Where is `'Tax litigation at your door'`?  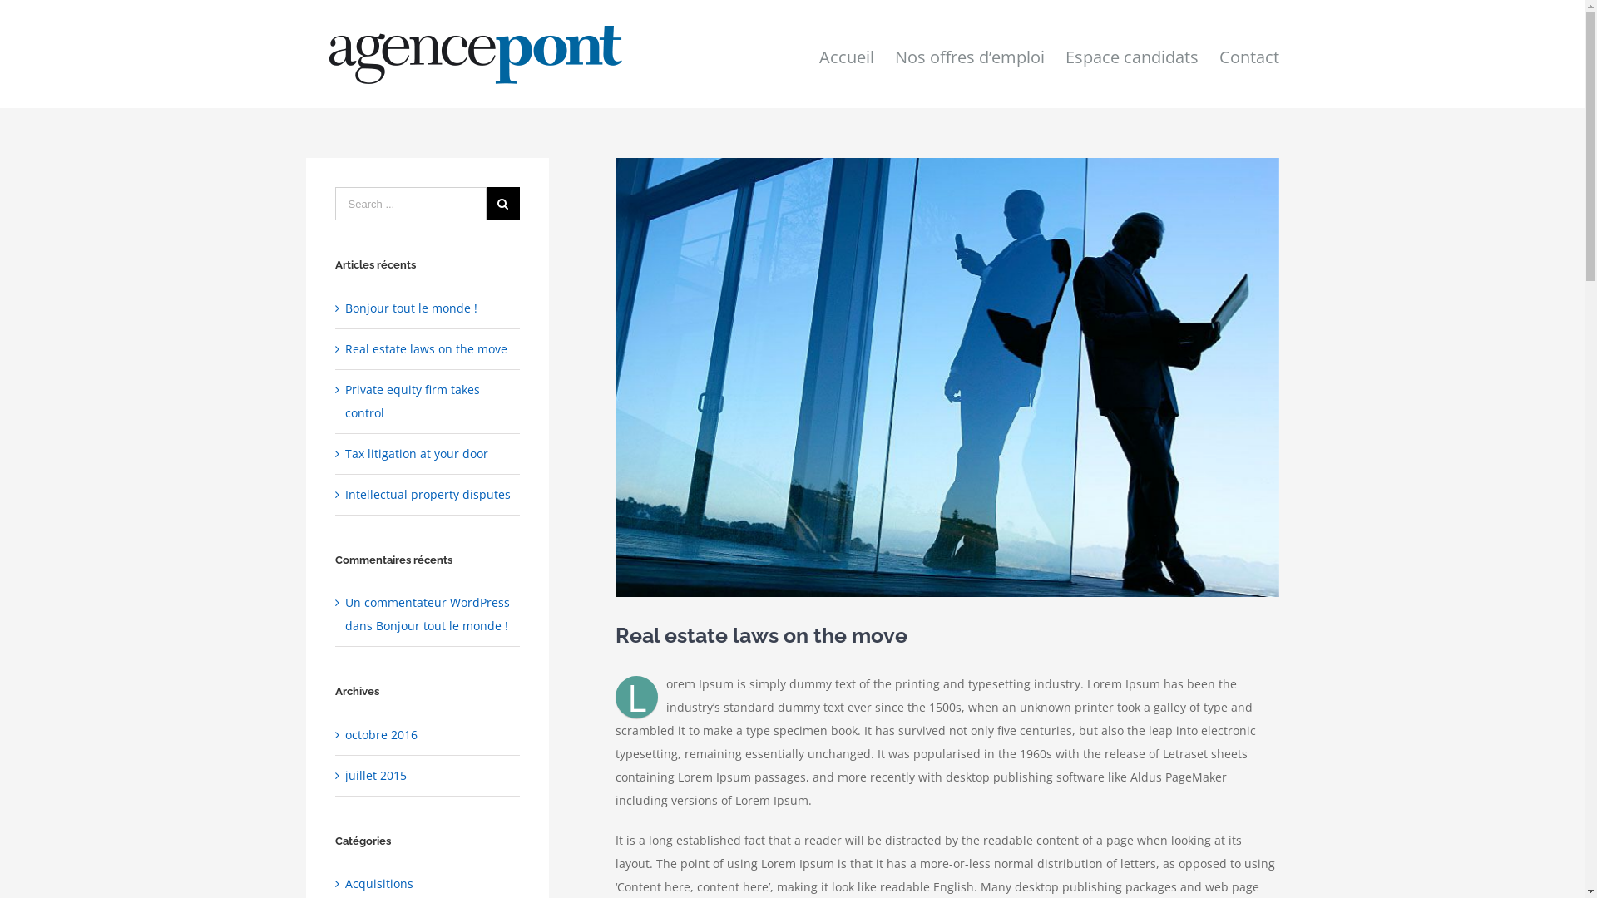 'Tax litigation at your door' is located at coordinates (344, 453).